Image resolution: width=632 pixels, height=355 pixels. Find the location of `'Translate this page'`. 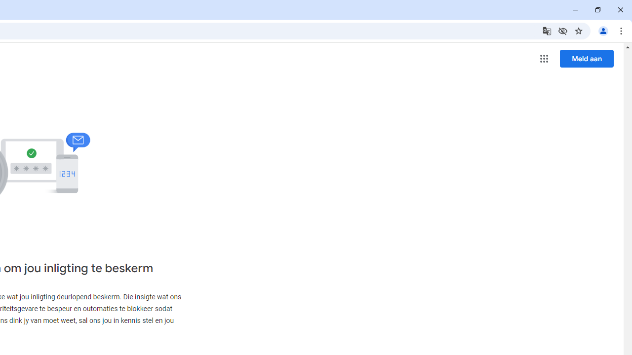

'Translate this page' is located at coordinates (546, 30).